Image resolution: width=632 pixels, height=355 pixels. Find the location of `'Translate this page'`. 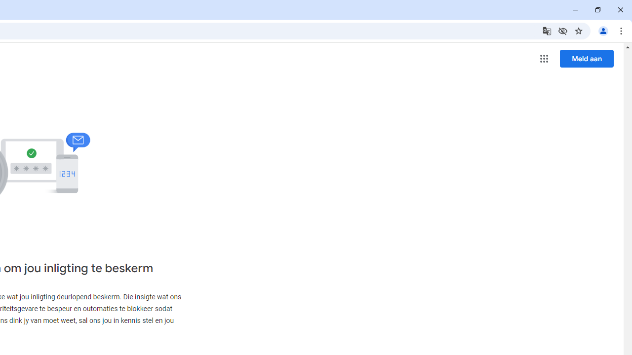

'Translate this page' is located at coordinates (546, 30).